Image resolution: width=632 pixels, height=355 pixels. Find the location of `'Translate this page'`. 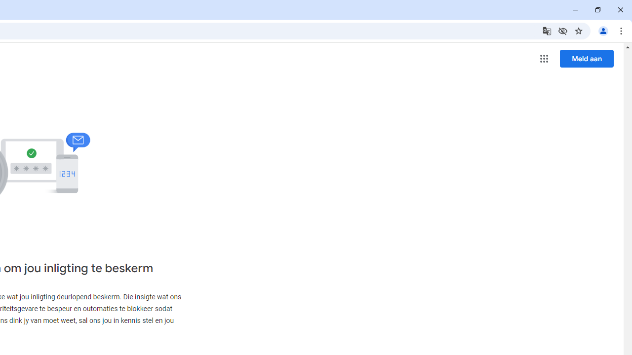

'Translate this page' is located at coordinates (546, 30).